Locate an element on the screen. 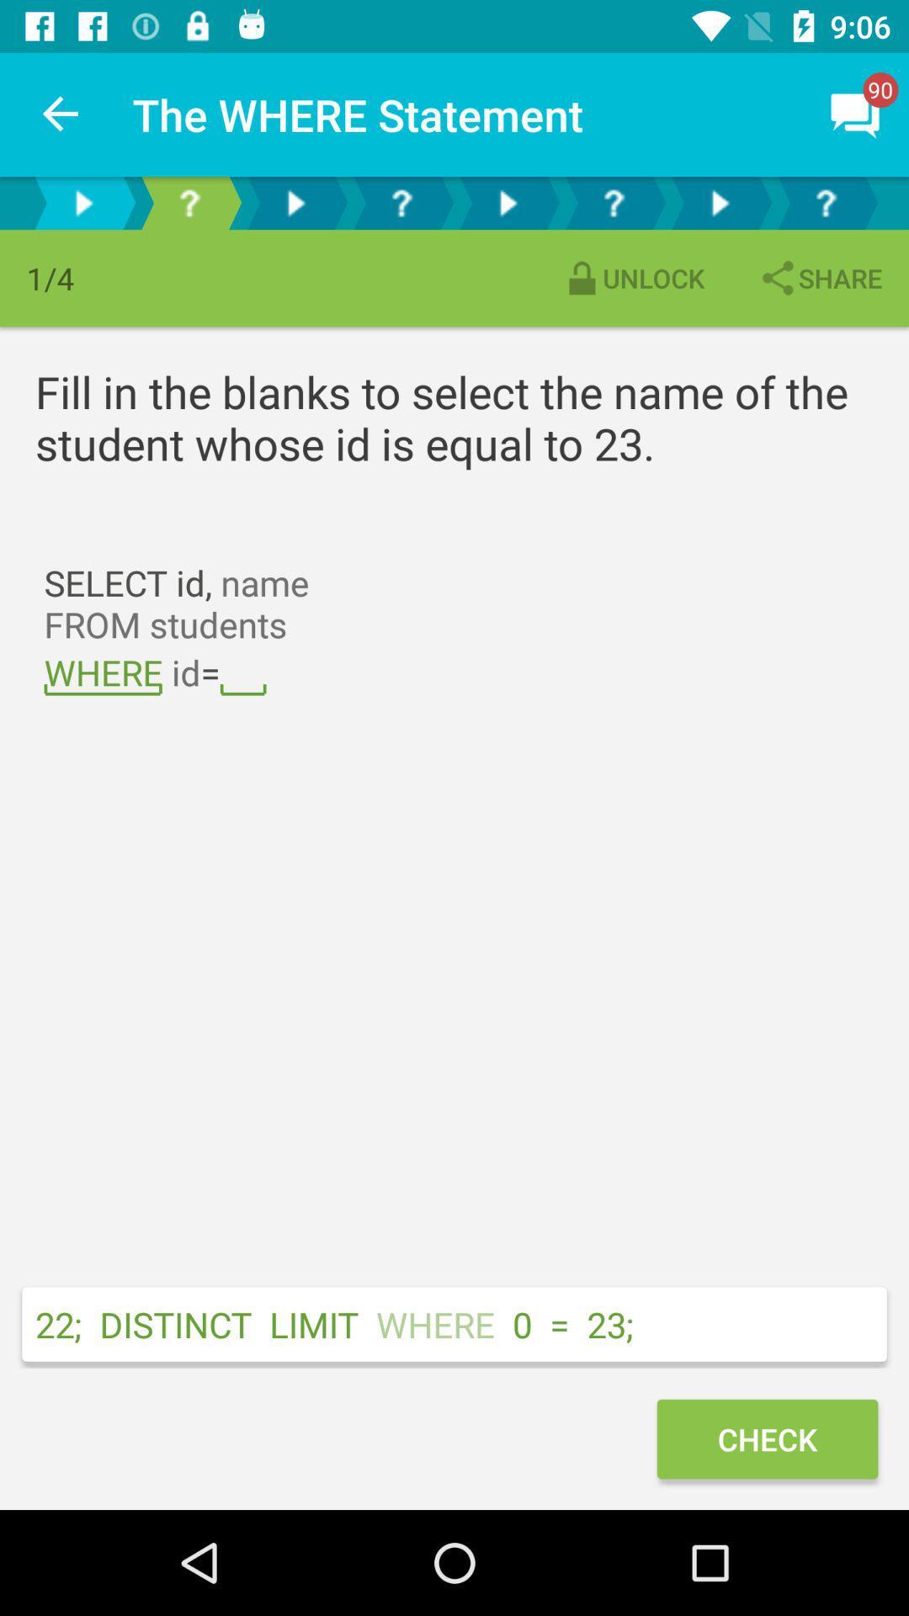 Image resolution: width=909 pixels, height=1616 pixels. tab is located at coordinates (401, 202).